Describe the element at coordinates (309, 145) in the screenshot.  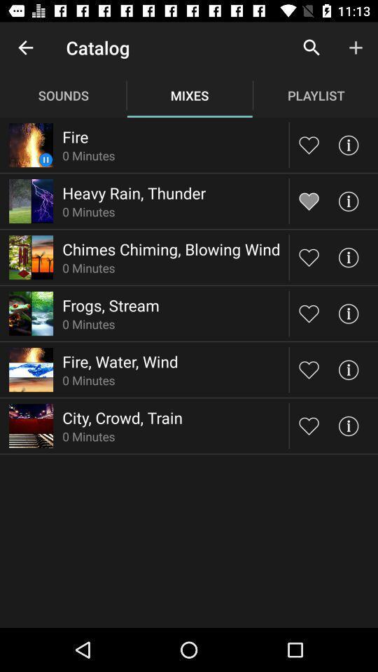
I see `to favorites` at that location.